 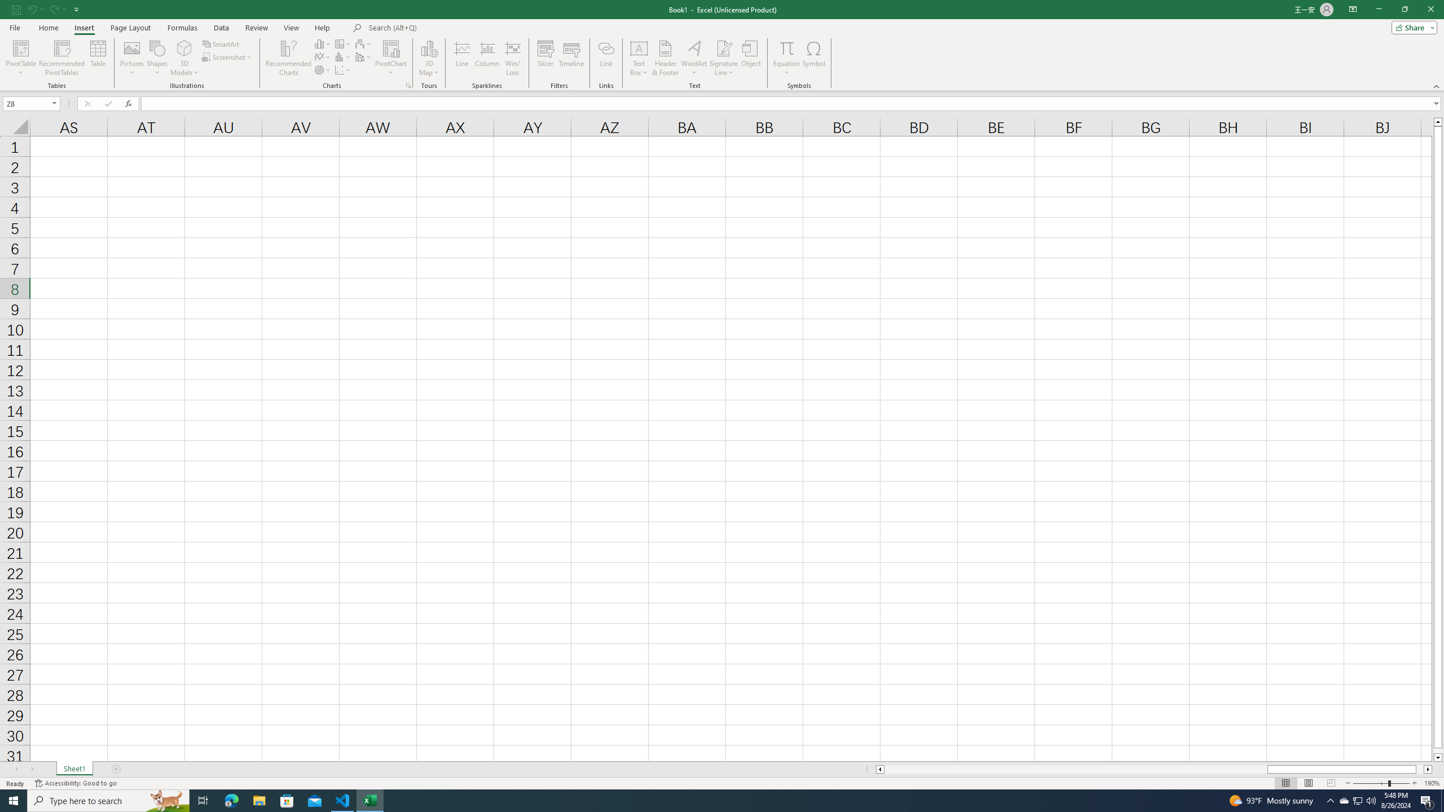 I want to click on 'Insert Line or Area Chart', so click(x=323, y=56).